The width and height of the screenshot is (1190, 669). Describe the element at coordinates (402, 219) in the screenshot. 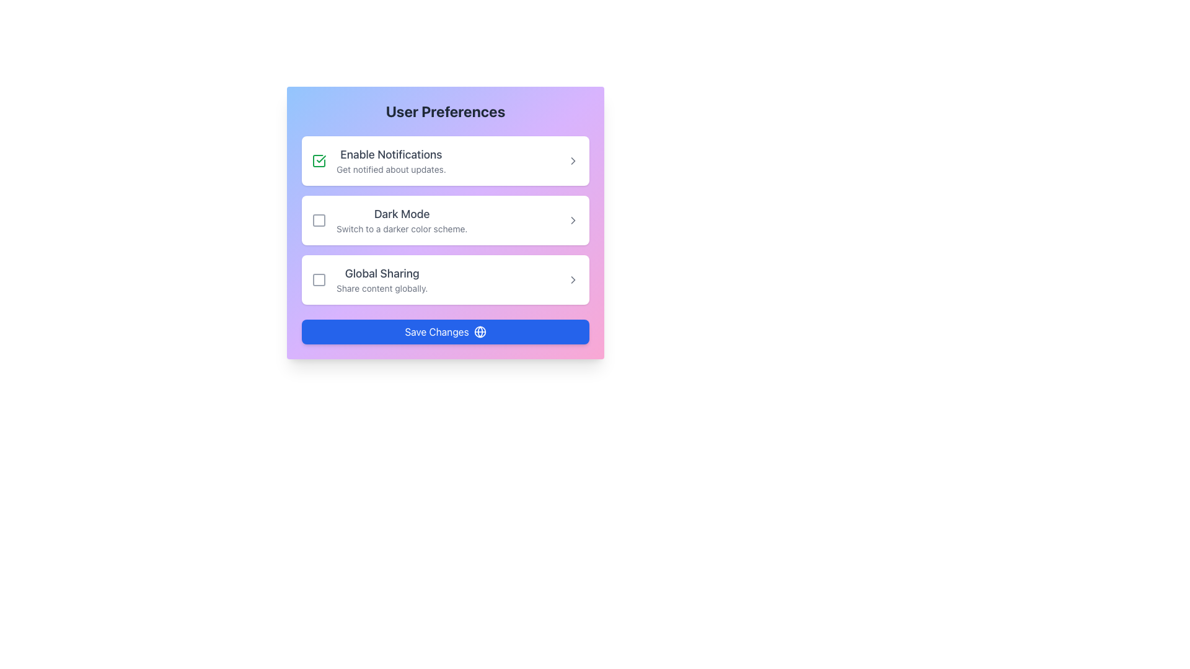

I see `text associated with the 'Dark Mode' checkbox, which is the second entry in the 'User Preferences' section, located below 'Enable Notifications' and above 'Global Sharing'` at that location.